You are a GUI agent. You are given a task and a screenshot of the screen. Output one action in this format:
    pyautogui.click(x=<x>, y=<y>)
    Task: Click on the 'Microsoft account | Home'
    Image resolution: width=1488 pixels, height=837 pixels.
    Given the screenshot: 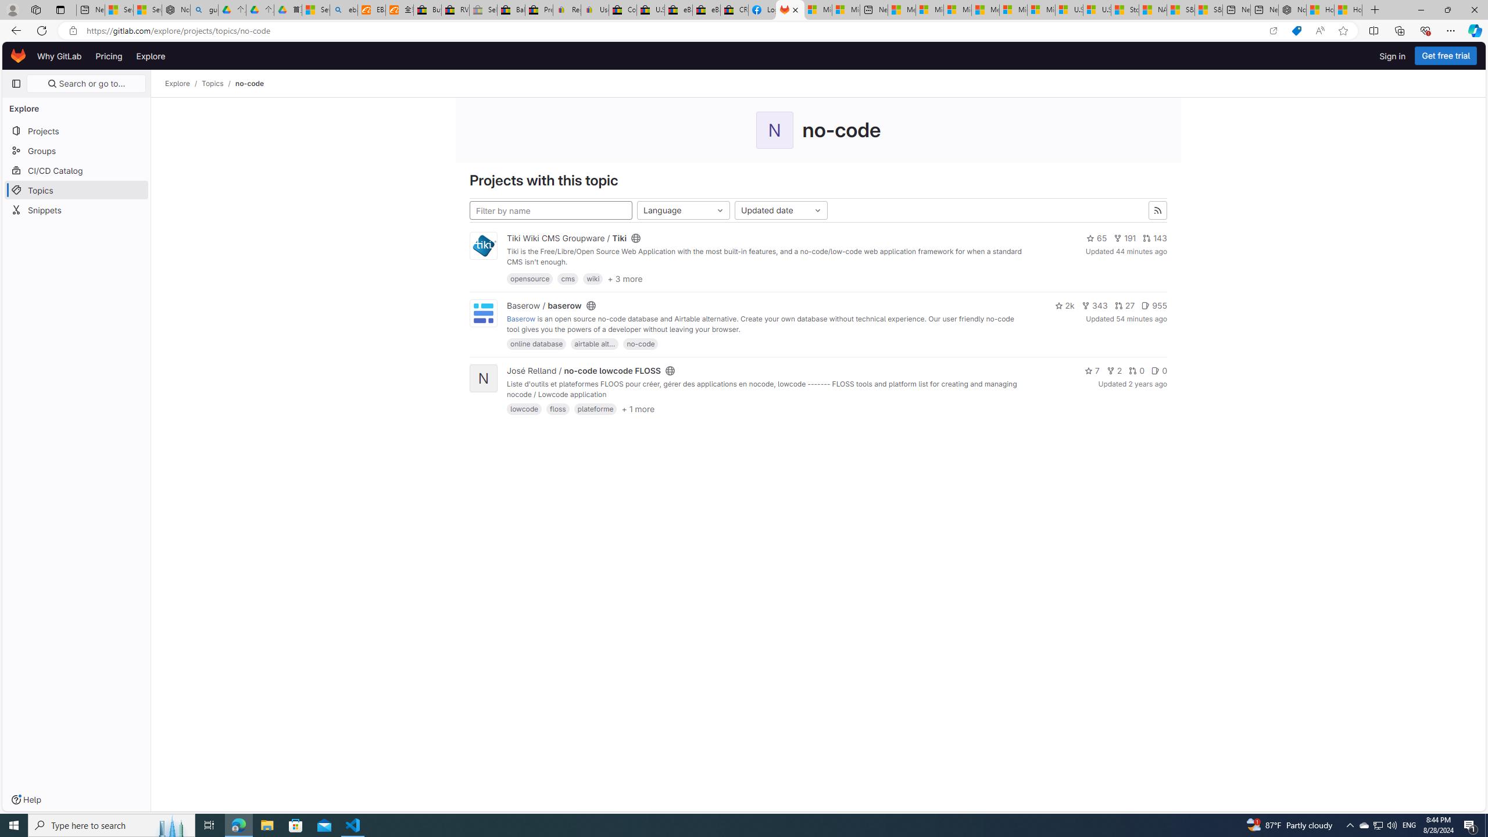 What is the action you would take?
    pyautogui.click(x=957, y=9)
    